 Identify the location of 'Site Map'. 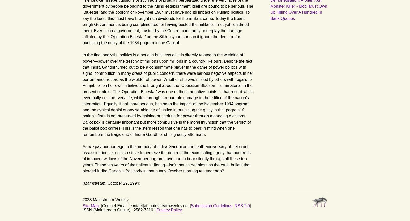
(91, 205).